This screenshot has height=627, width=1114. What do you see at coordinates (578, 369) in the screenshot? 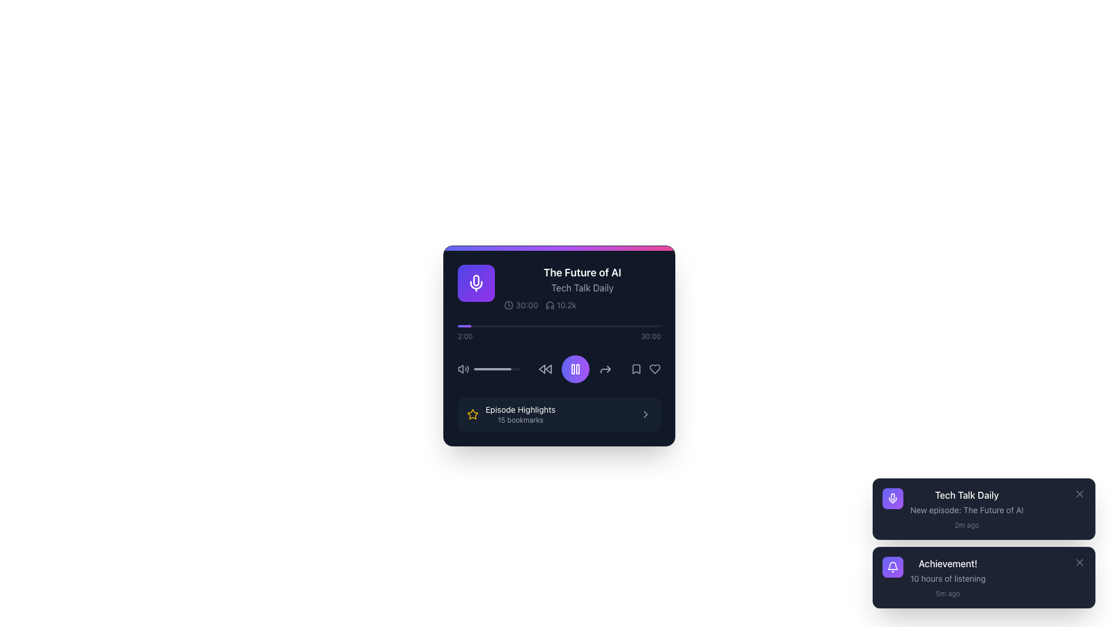
I see `the right vertical bar of the pause icon` at bounding box center [578, 369].